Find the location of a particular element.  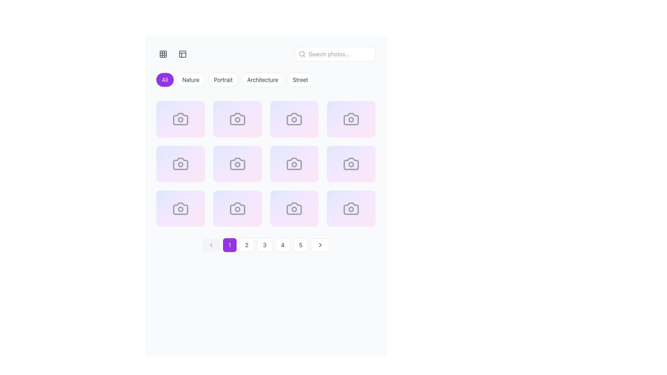

the SVG icon representing an unavailable image in the bottom-left corner of the first page of tiles, located in the third row and first column of the grid layout is located at coordinates (180, 208).